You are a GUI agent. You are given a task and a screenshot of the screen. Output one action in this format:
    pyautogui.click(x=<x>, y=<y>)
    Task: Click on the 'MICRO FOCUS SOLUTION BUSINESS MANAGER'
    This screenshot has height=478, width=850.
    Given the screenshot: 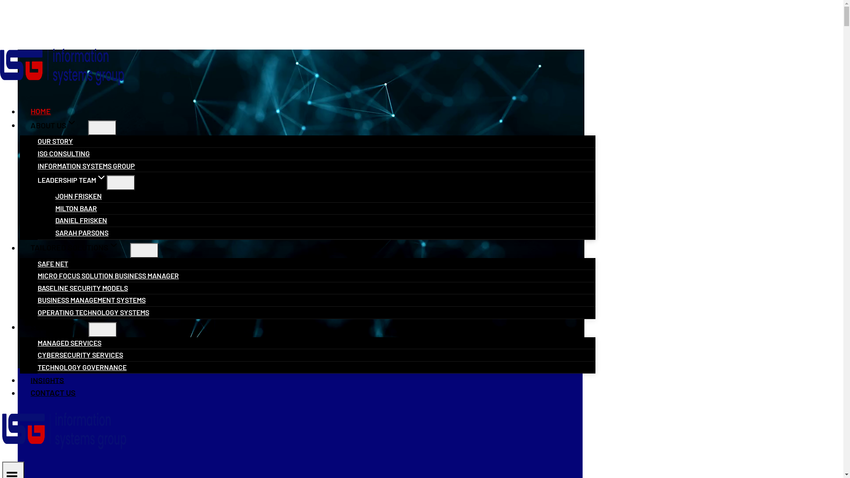 What is the action you would take?
    pyautogui.click(x=108, y=275)
    